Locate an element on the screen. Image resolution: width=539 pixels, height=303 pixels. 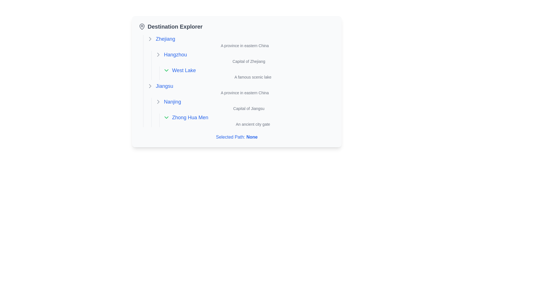
the icon located to the left of the 'Nanjing' text label in the 'Destination Explorer' interface is located at coordinates (158, 102).